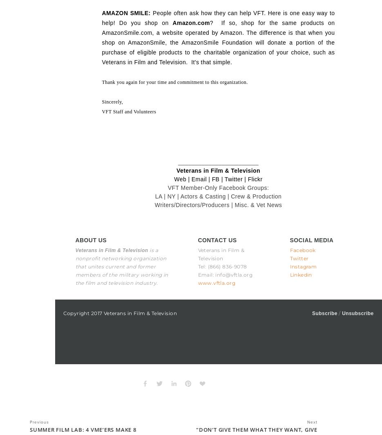  What do you see at coordinates (247, 178) in the screenshot?
I see `'Flickr'` at bounding box center [247, 178].